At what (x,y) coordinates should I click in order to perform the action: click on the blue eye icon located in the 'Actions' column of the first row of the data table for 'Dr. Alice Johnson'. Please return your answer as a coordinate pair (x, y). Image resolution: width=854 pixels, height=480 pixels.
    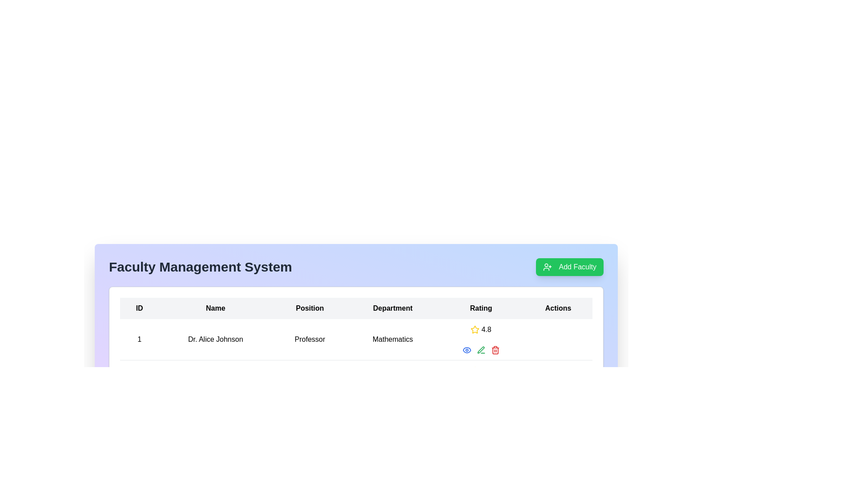
    Looking at the image, I should click on (480, 349).